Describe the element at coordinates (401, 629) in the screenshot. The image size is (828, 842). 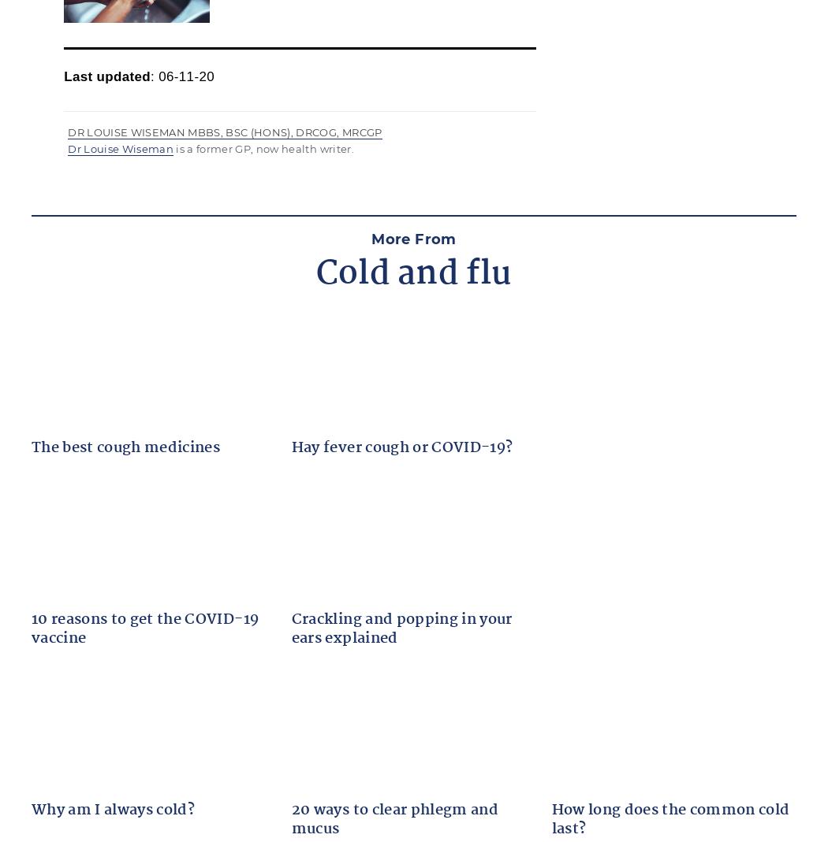
I see `'Crackling and popping in your ears explained'` at that location.